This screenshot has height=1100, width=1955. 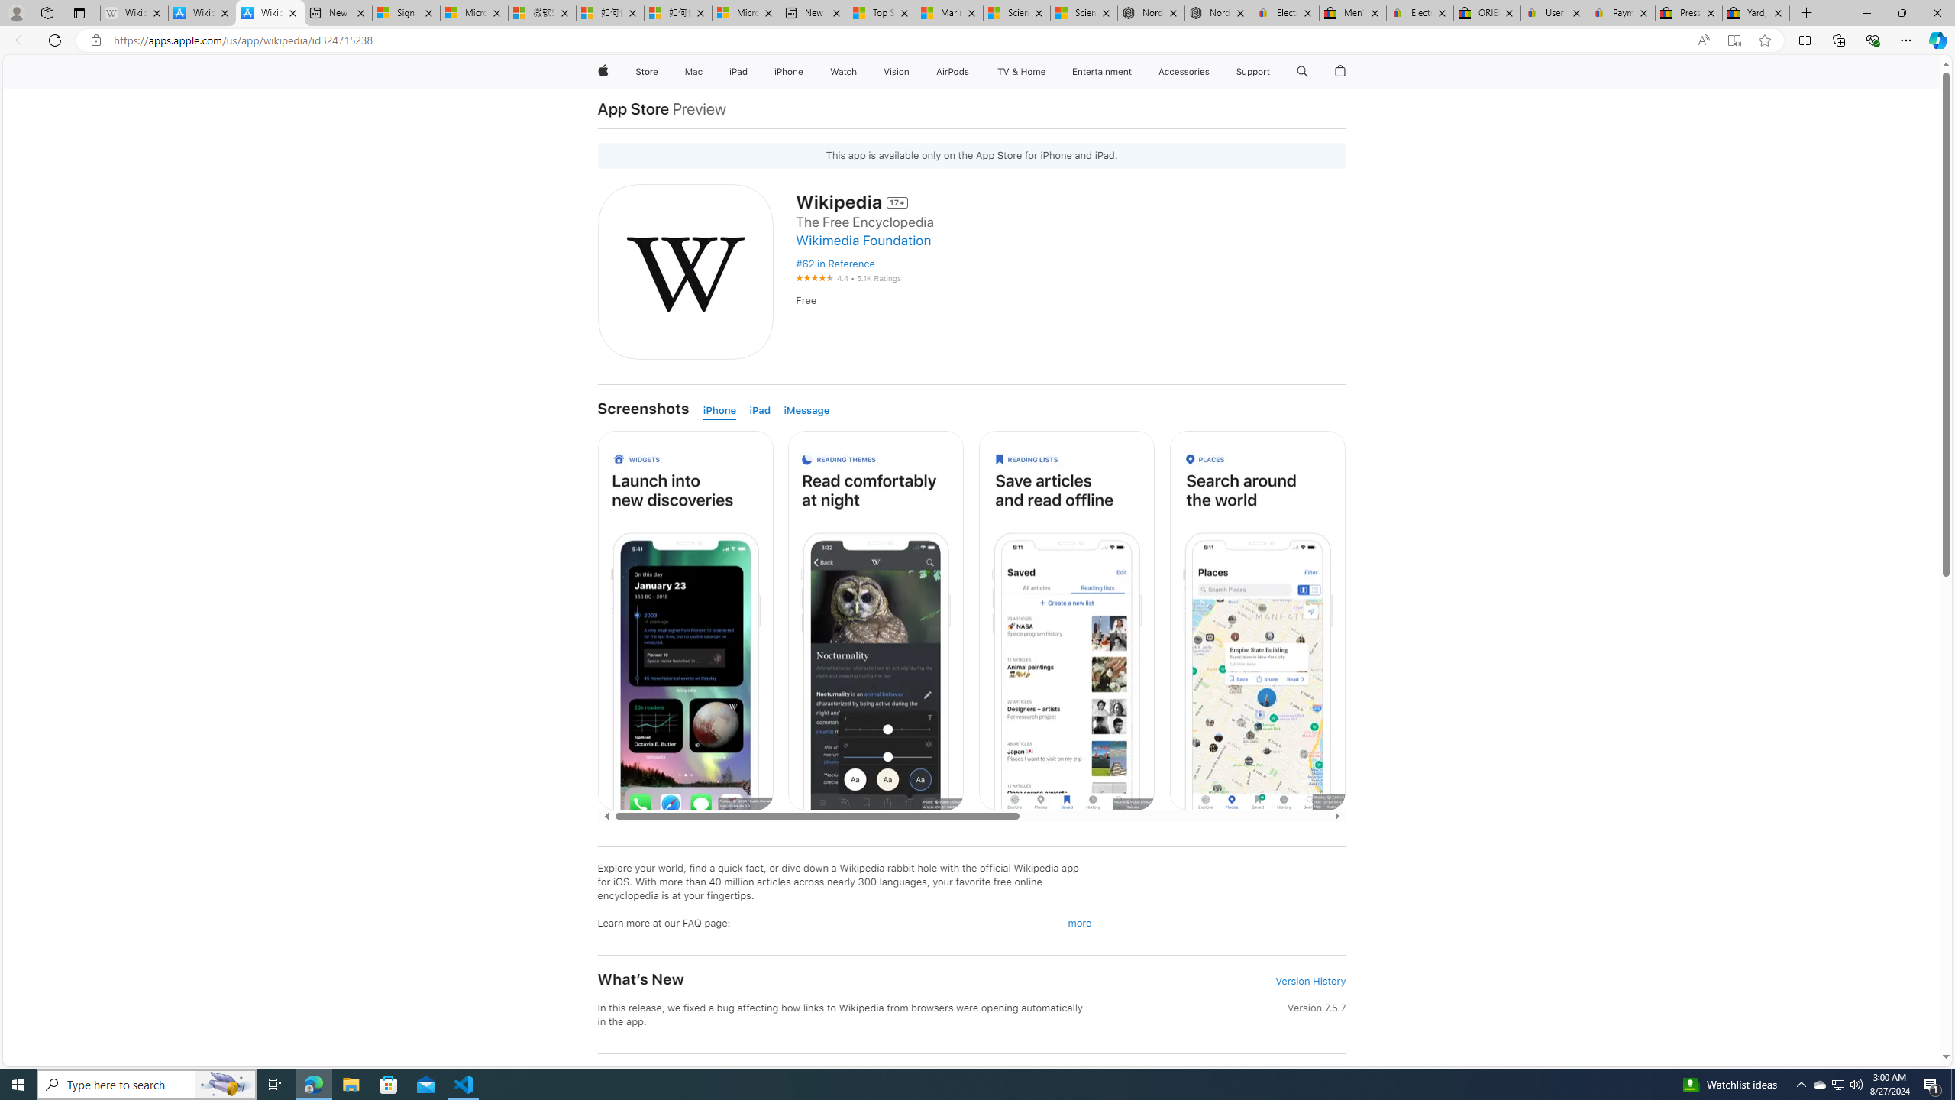 What do you see at coordinates (1302, 71) in the screenshot?
I see `'Search apple.com'` at bounding box center [1302, 71].